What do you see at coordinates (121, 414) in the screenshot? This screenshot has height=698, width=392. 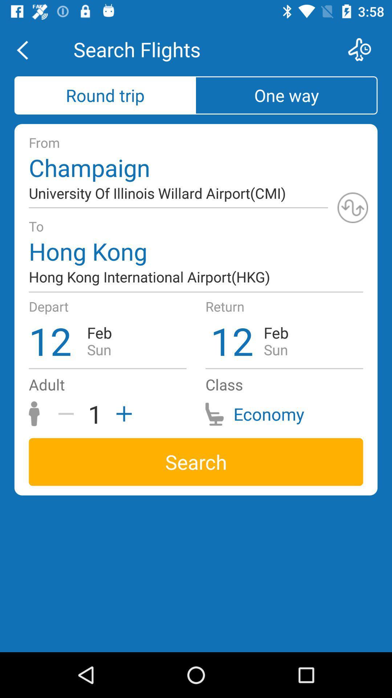 I see `the number of adults up` at bounding box center [121, 414].